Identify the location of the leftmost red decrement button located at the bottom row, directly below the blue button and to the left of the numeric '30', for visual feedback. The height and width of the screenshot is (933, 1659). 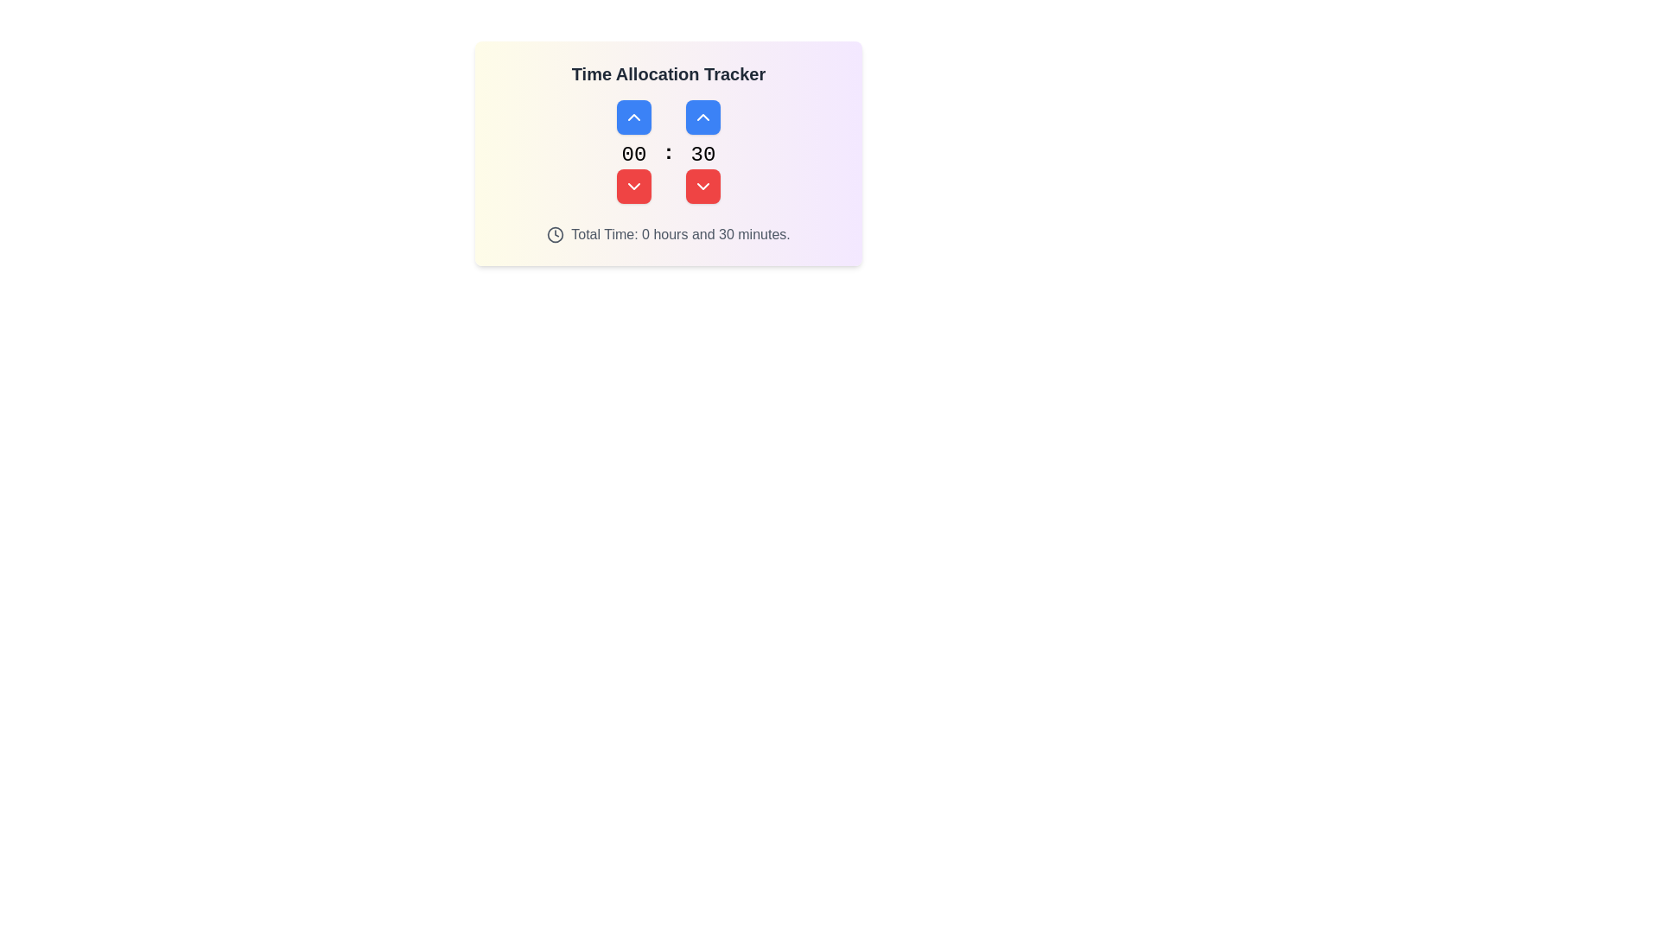
(633, 187).